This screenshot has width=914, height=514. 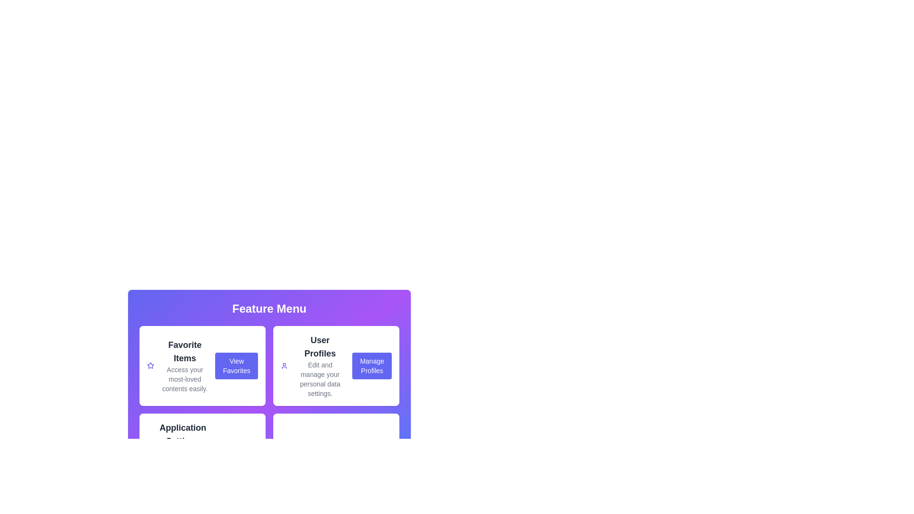 I want to click on the View Favorites button to perform its action, so click(x=237, y=365).